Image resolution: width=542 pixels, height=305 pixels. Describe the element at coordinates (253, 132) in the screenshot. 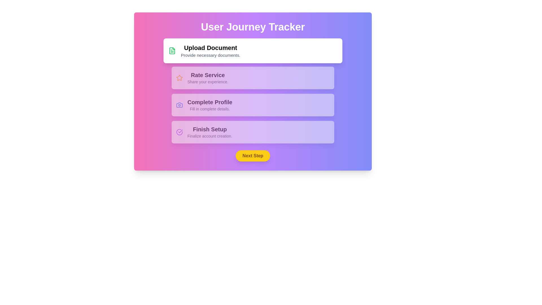

I see `information presented in the fourth card located at the bottom of the content section, which serves as the final step prompting the user to complete setting up their account` at that location.